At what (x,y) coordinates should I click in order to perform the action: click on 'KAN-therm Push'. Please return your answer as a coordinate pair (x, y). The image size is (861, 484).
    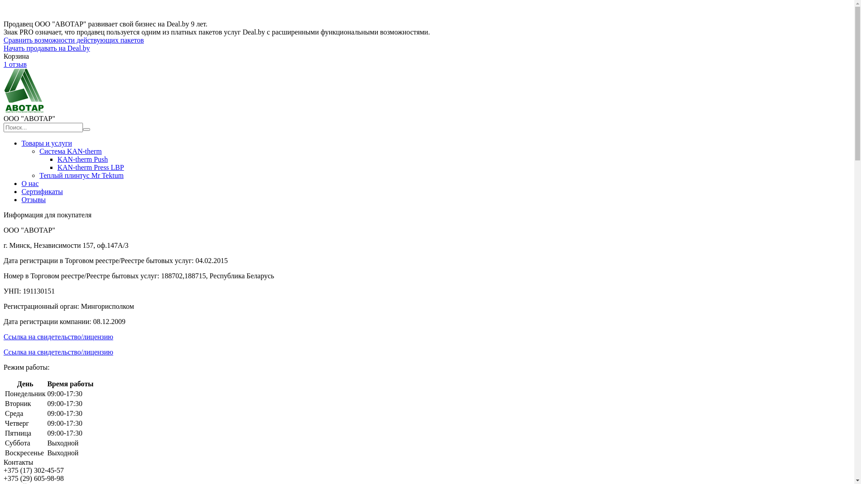
    Looking at the image, I should click on (82, 159).